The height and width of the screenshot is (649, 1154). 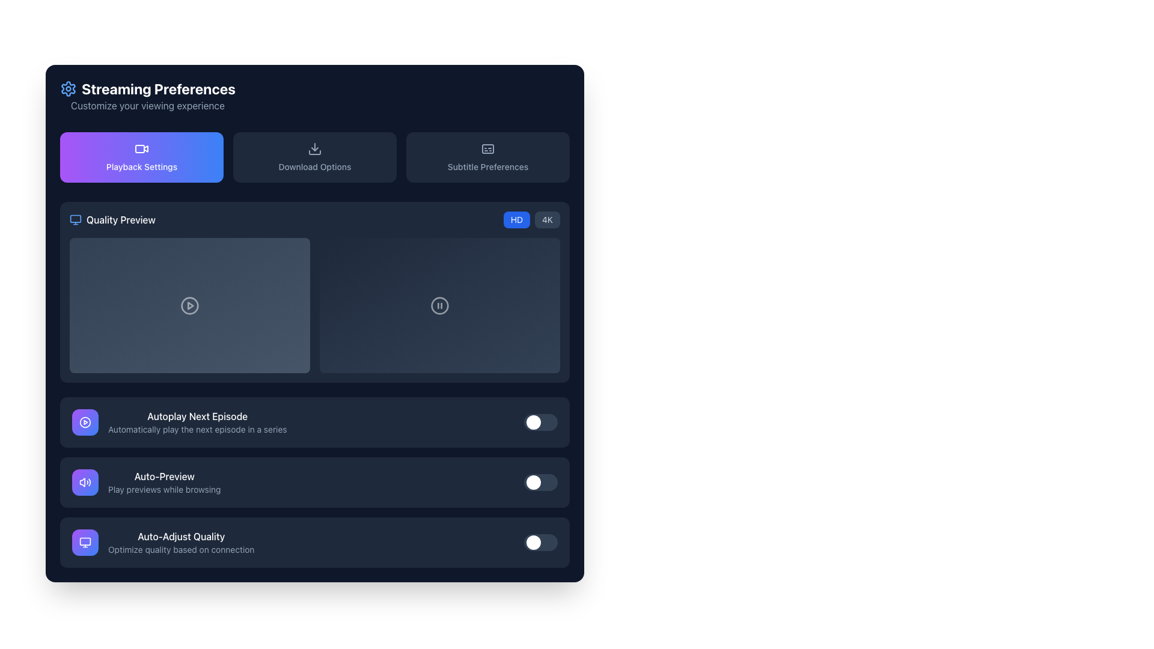 What do you see at coordinates (197, 416) in the screenshot?
I see `the text label reading 'Autoplay Next Episode' which is positioned as a header above its subtitle in the 'Playback Settings' section` at bounding box center [197, 416].